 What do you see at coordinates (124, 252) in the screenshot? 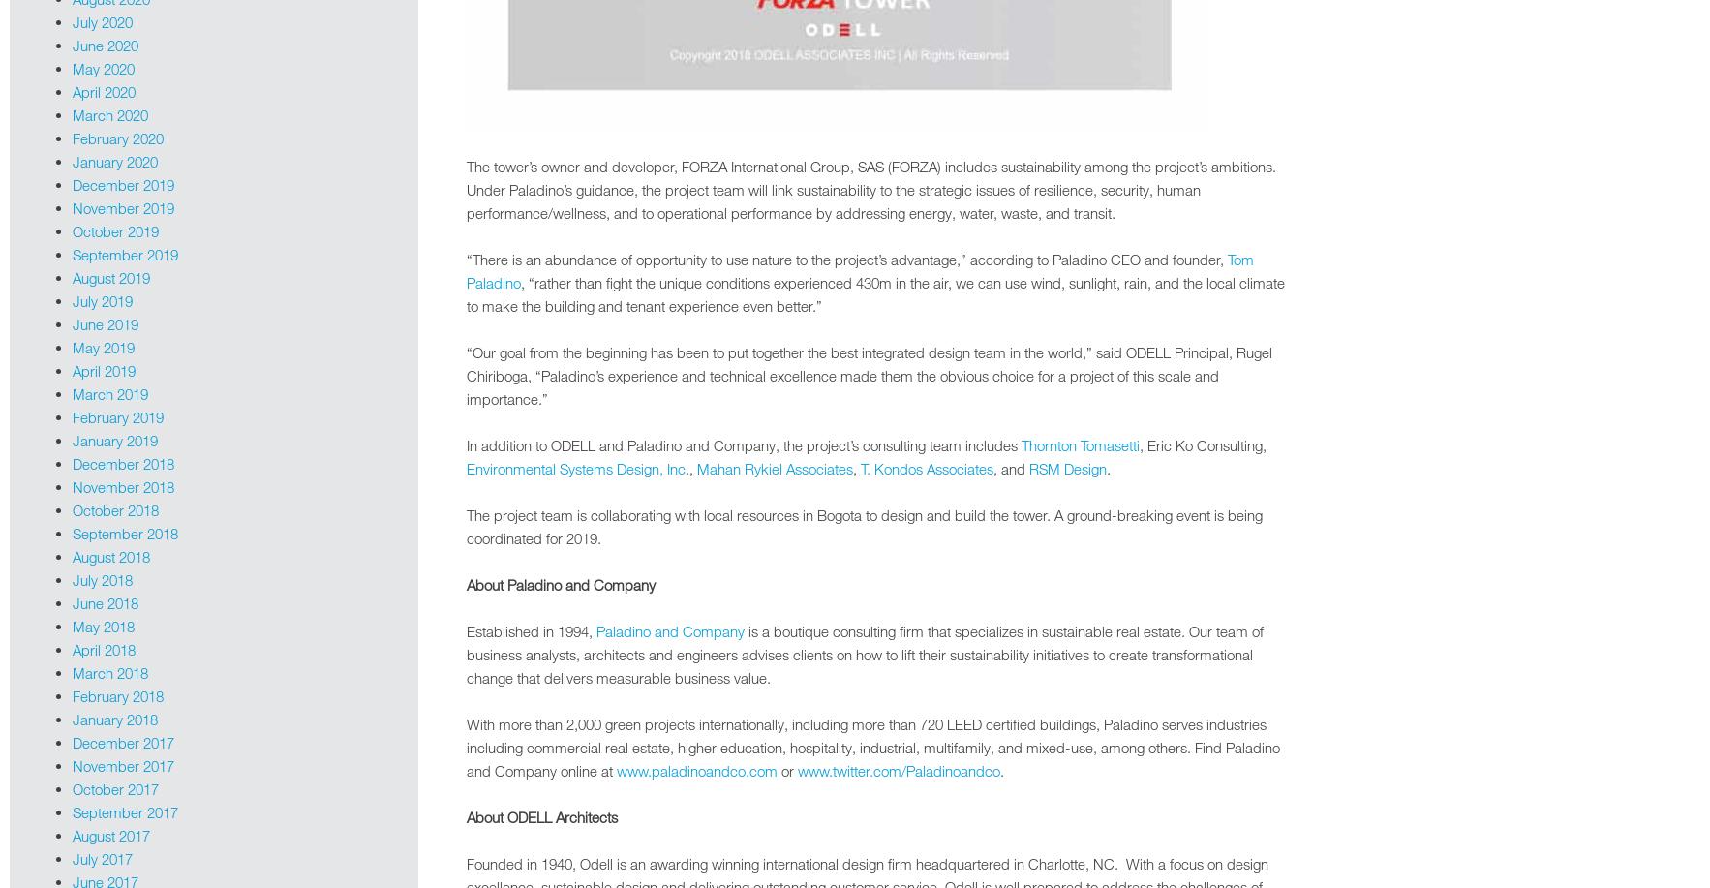
I see `'September 2019'` at bounding box center [124, 252].